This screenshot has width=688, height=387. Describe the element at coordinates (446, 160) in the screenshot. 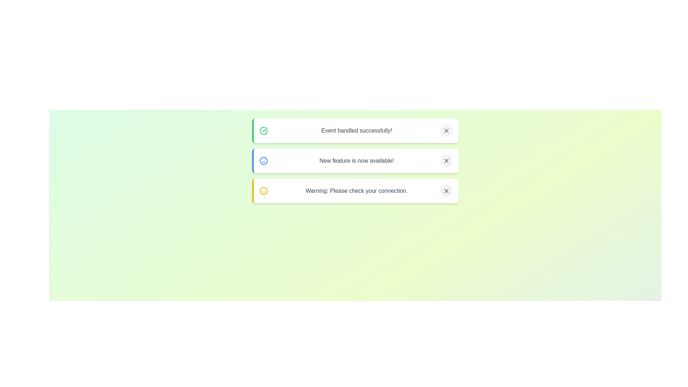

I see `the 'X' icon button in the top-right corner of the middle notification card that displays 'New feature is now available!'` at that location.